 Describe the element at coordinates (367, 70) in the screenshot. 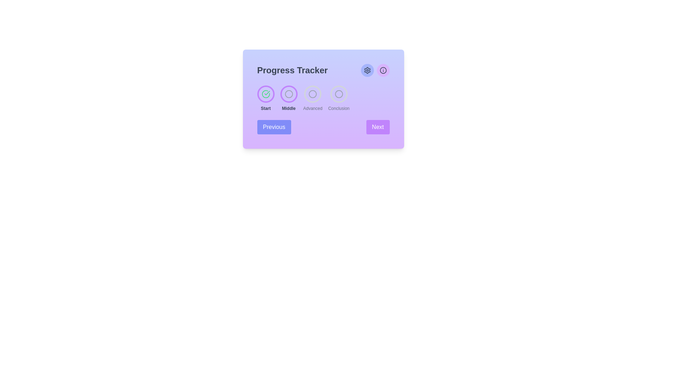

I see `the settings button located at the top-right section of the 'Progress Tracker' card to observe its hover effect` at that location.